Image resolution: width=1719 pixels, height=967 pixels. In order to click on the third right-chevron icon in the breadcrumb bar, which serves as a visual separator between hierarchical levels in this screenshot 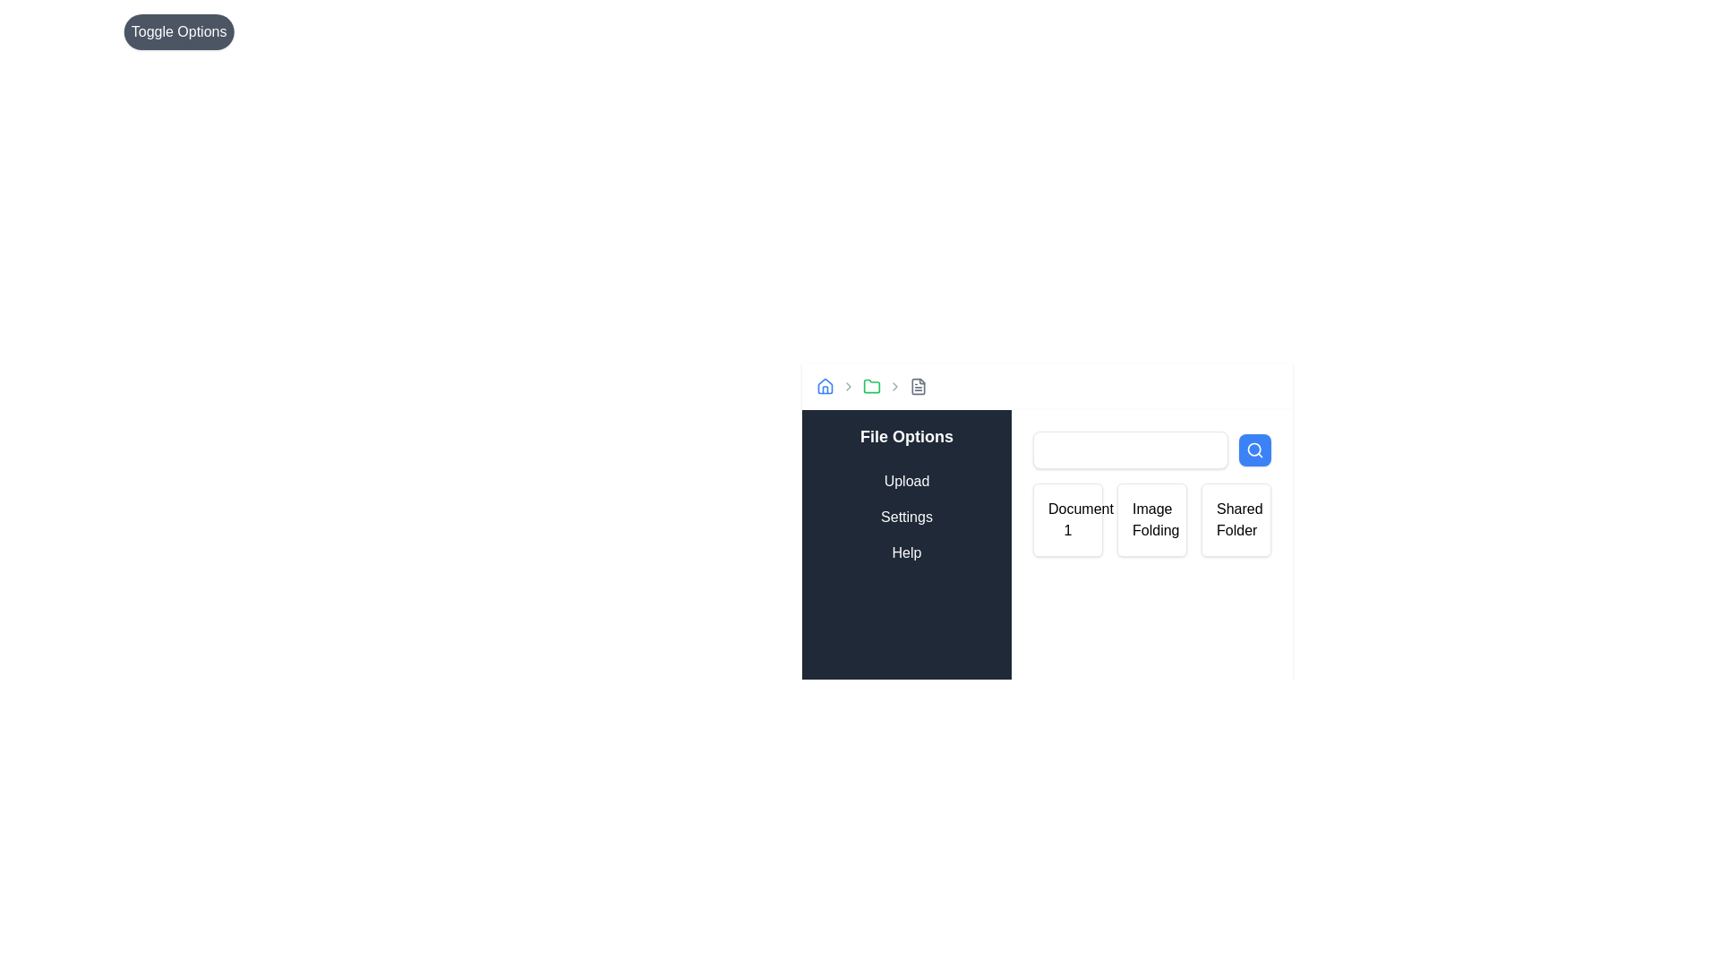, I will do `click(894, 386)`.